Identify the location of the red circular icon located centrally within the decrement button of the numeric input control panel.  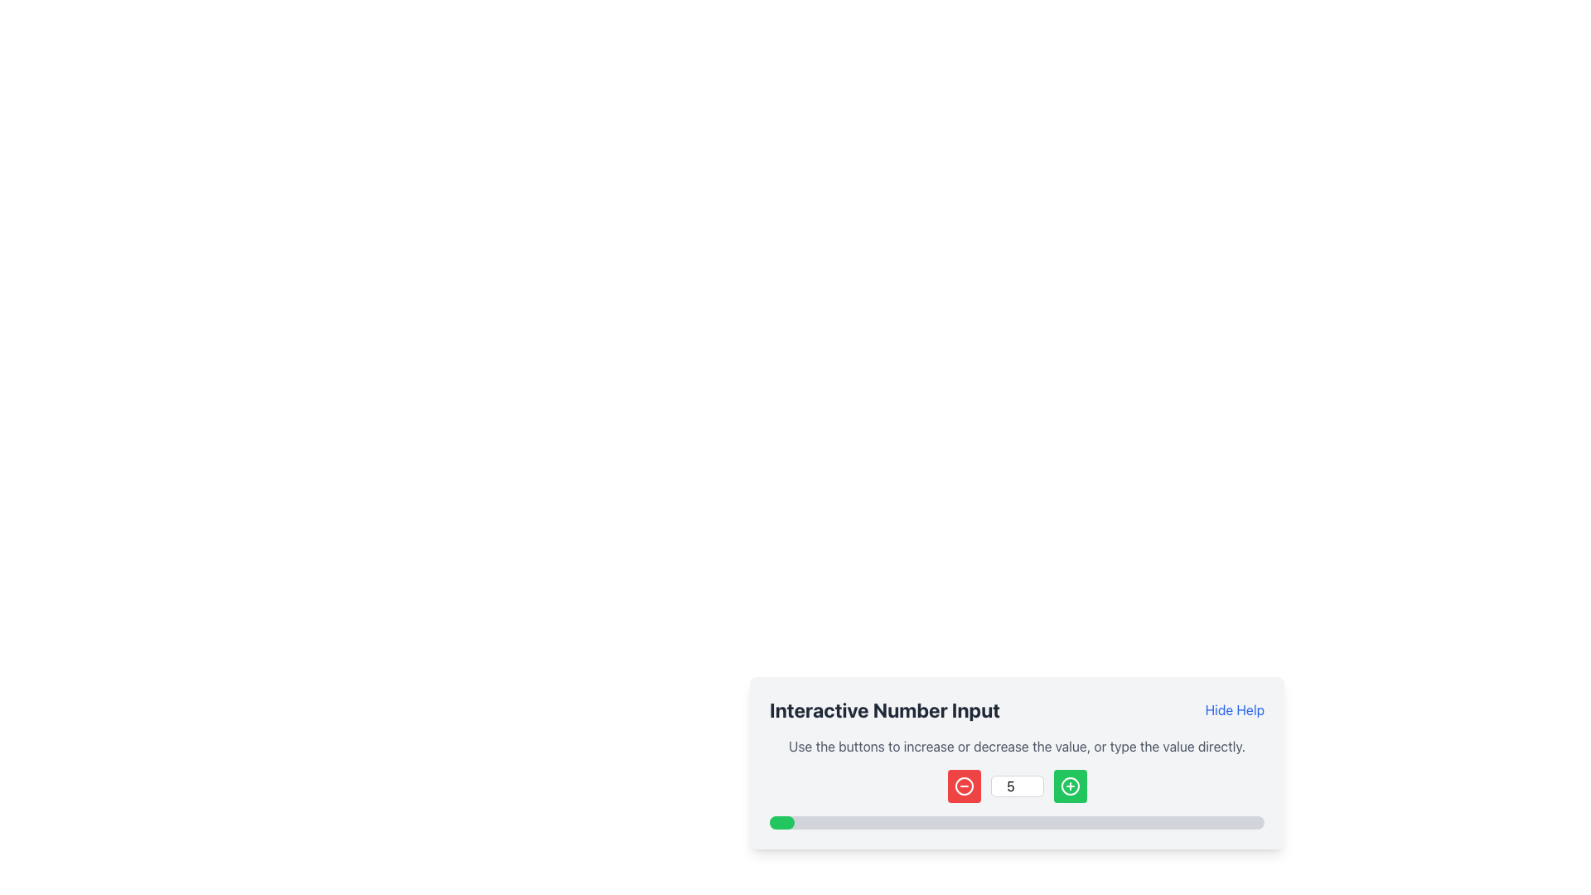
(964, 785).